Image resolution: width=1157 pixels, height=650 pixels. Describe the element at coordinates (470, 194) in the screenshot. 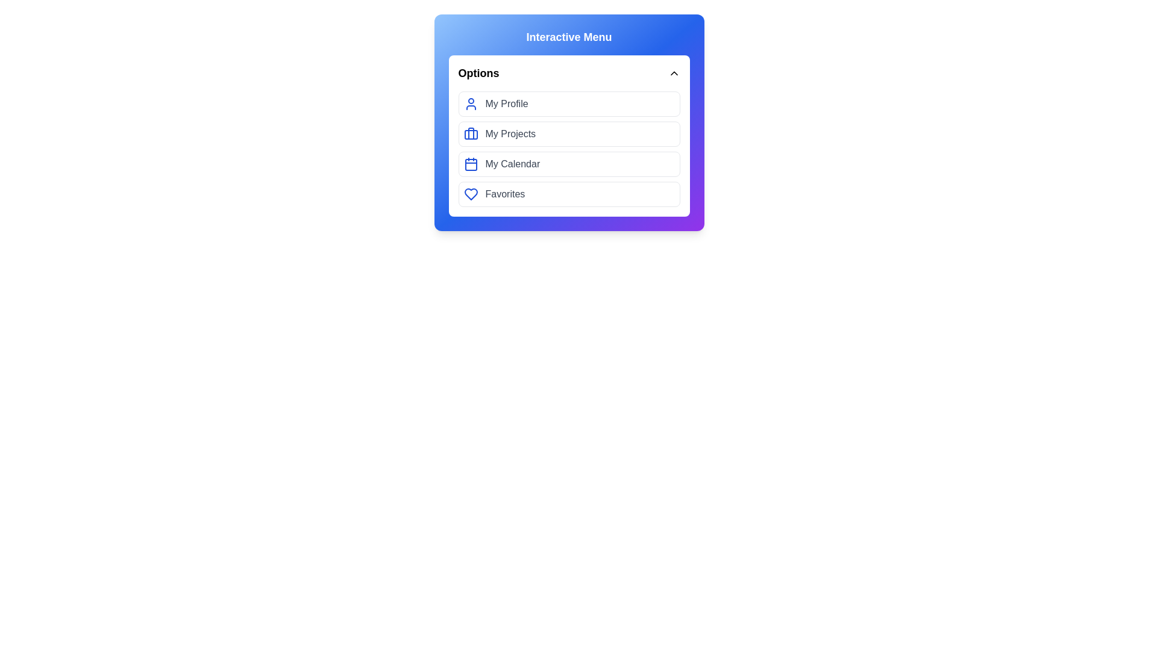

I see `the blue heart icon adjacent to the 'Favorites' text label in the 'Options' section of the 'Interactive Menu'` at that location.